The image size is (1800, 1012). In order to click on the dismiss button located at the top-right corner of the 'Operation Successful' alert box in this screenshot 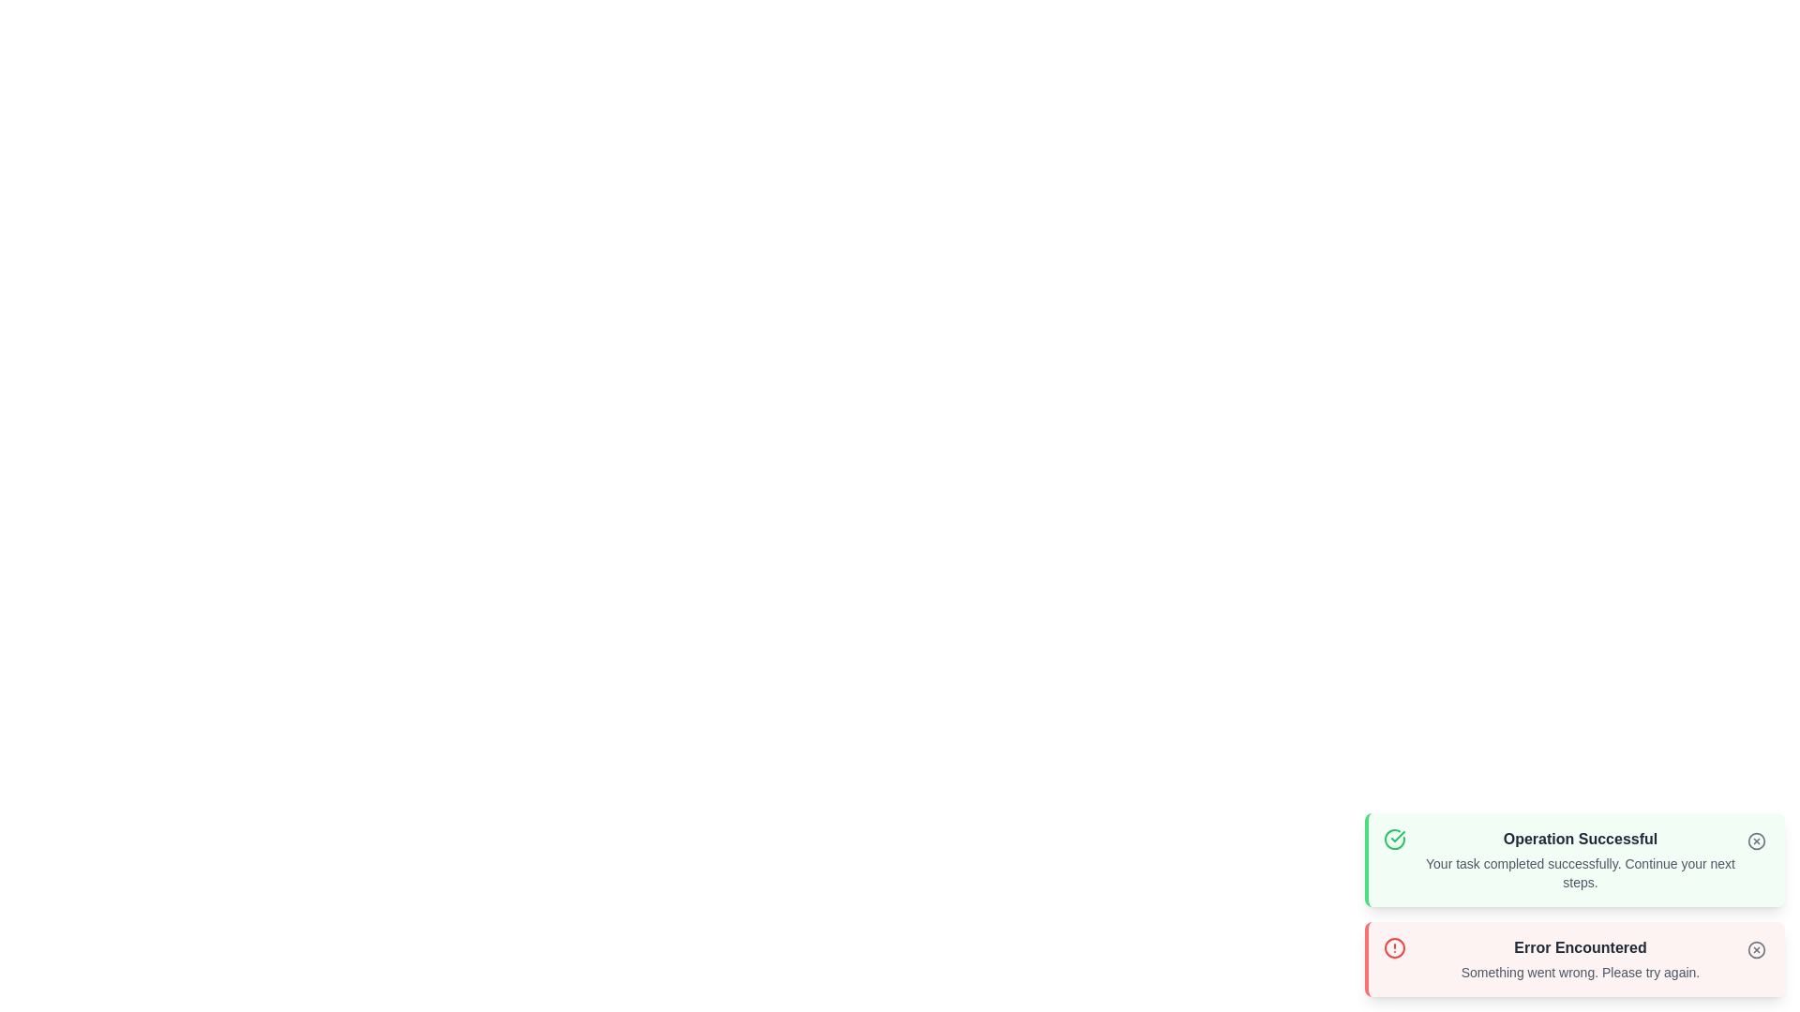, I will do `click(1755, 841)`.